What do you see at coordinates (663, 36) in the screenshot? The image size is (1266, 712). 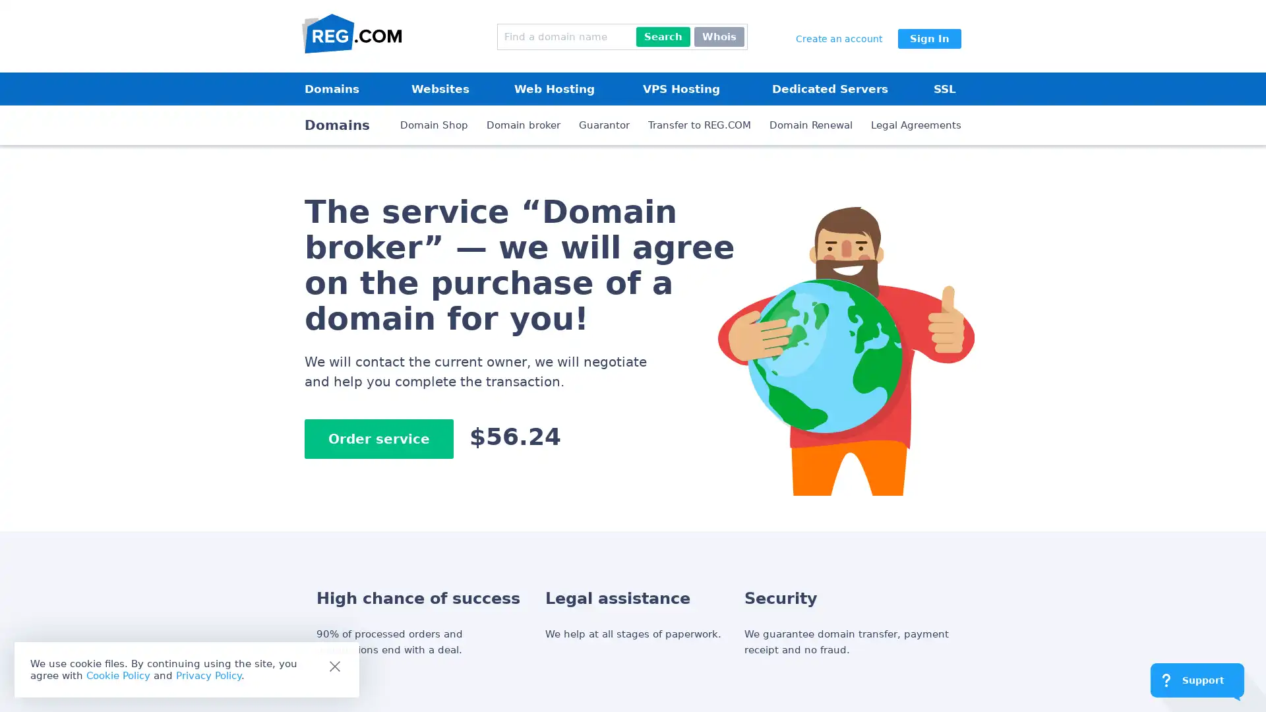 I see `Search` at bounding box center [663, 36].